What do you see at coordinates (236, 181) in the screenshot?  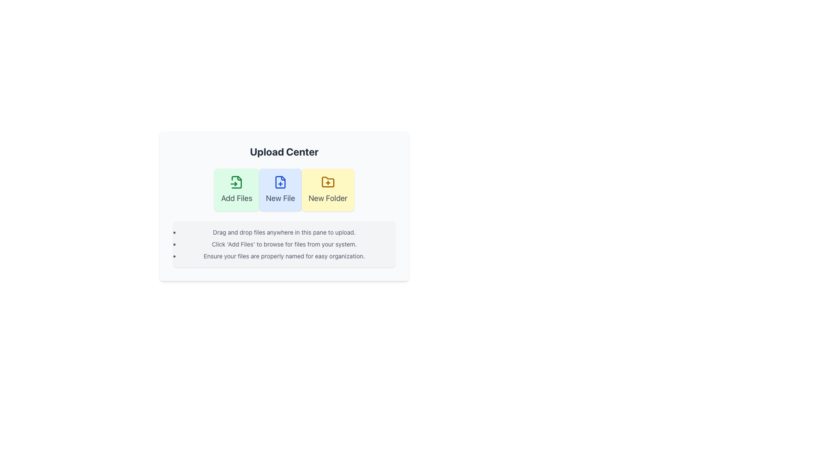 I see `the green file icon within the 'Add Files' group, positioned to the left of 'New File' and 'New Folder'` at bounding box center [236, 181].